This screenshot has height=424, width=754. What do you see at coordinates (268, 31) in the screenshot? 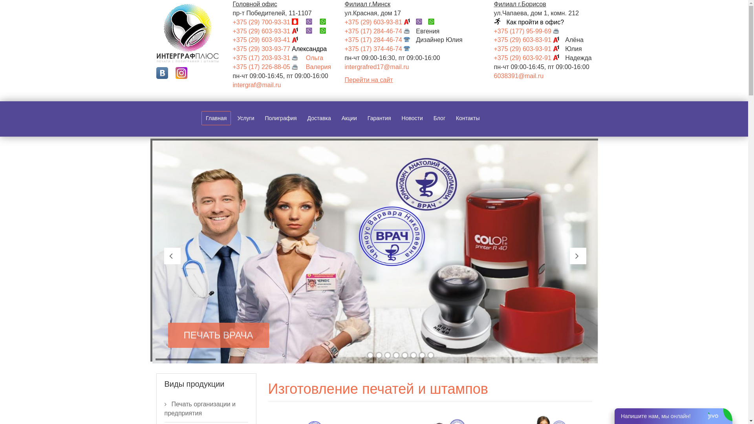
I see `'+375 (29) 603-93-31 '` at bounding box center [268, 31].